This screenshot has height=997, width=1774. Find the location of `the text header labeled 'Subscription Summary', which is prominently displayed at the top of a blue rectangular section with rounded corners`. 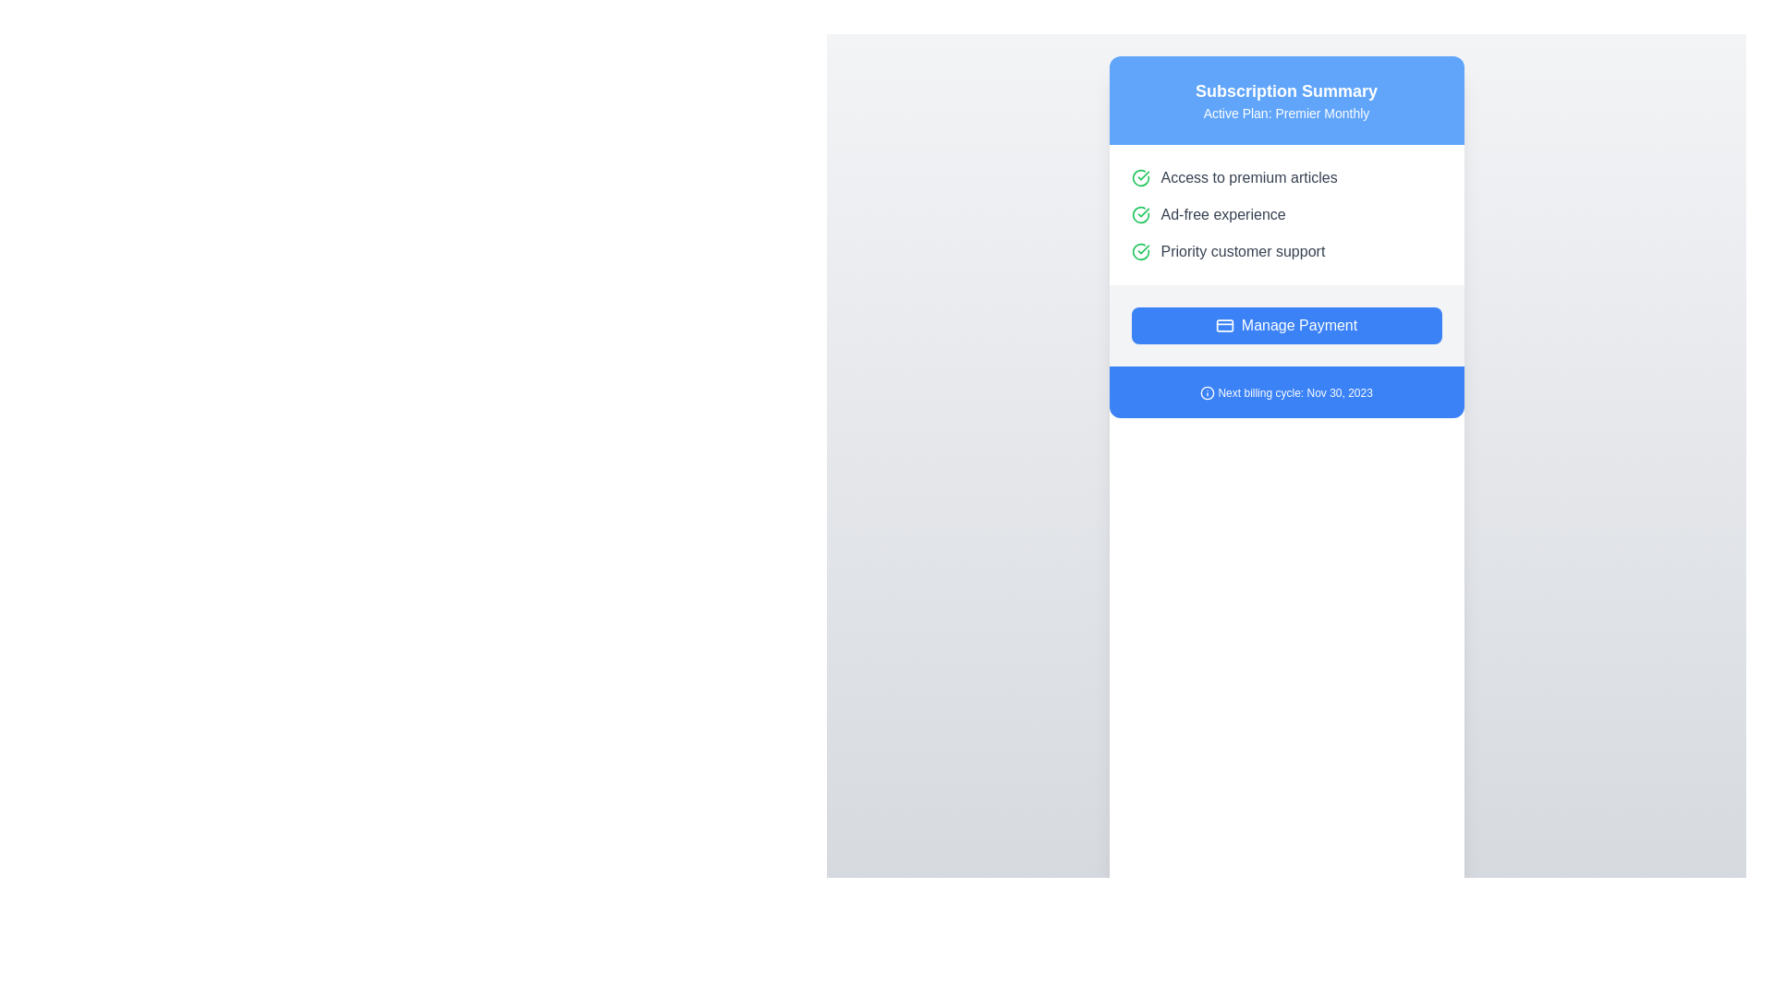

the text header labeled 'Subscription Summary', which is prominently displayed at the top of a blue rectangular section with rounded corners is located at coordinates (1285, 91).